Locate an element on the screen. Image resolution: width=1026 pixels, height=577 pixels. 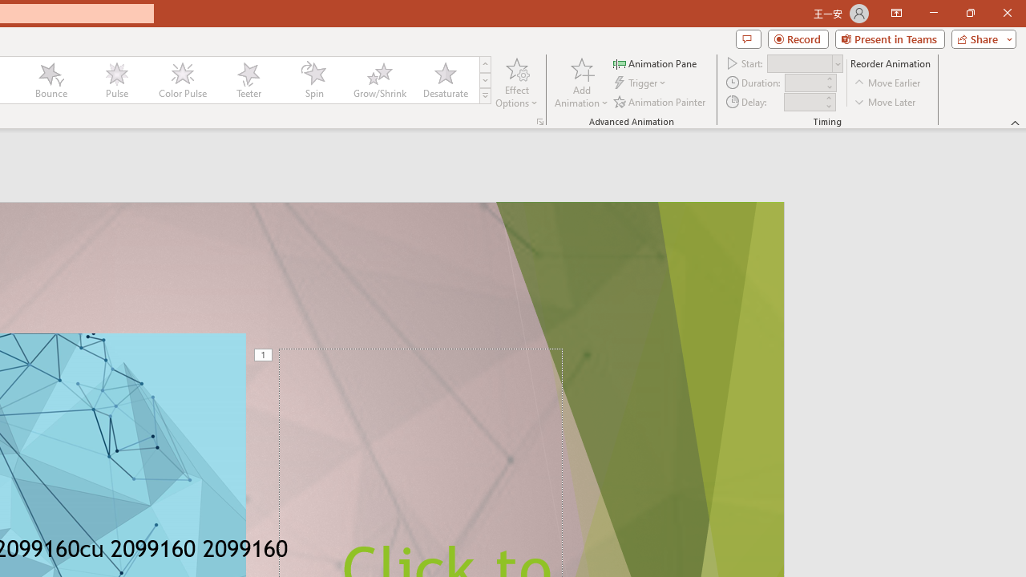
'Add Animation' is located at coordinates (580, 83).